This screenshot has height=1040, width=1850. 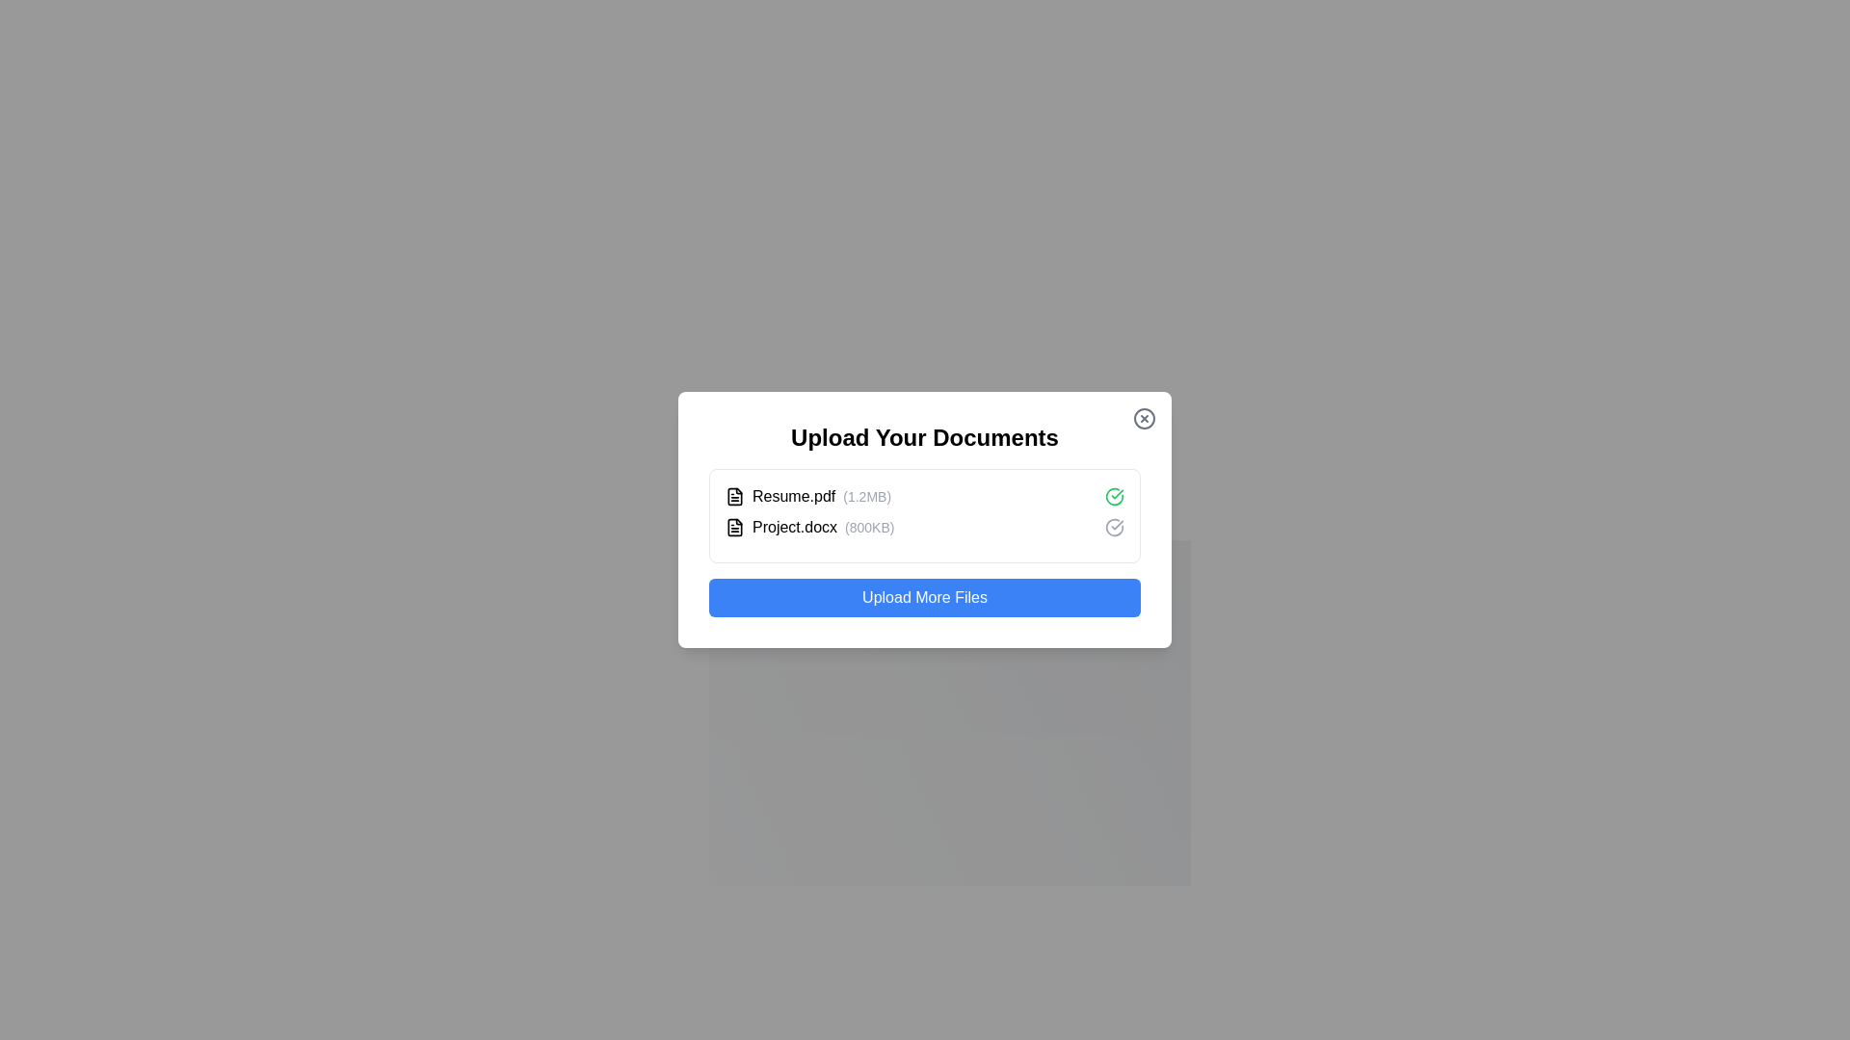 What do you see at coordinates (734, 527) in the screenshot?
I see `the file icon indicating 'Project.docx (800KB)', located to the left of its text description` at bounding box center [734, 527].